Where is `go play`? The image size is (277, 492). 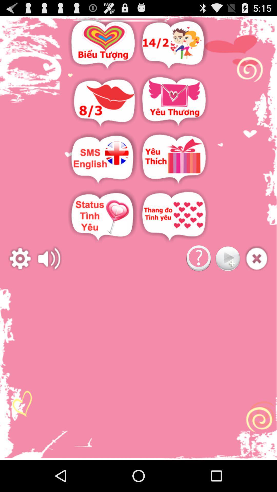
go play is located at coordinates (227, 259).